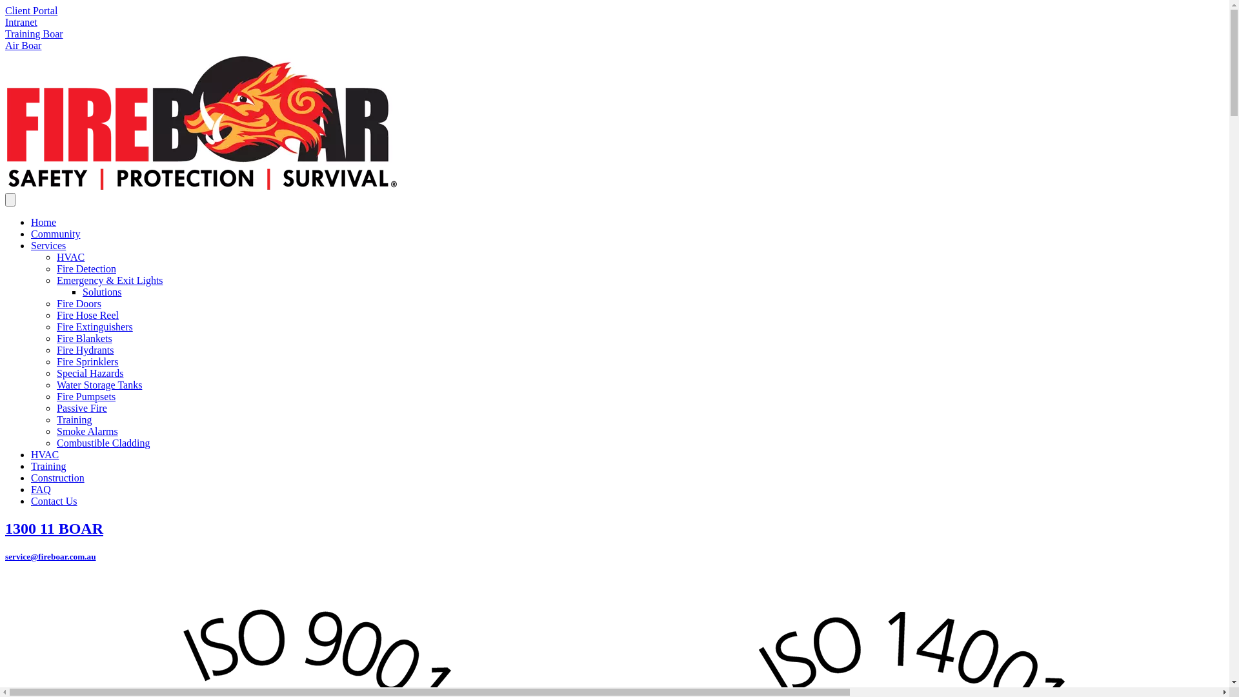 The image size is (1239, 697). I want to click on 'FAQ', so click(41, 489).